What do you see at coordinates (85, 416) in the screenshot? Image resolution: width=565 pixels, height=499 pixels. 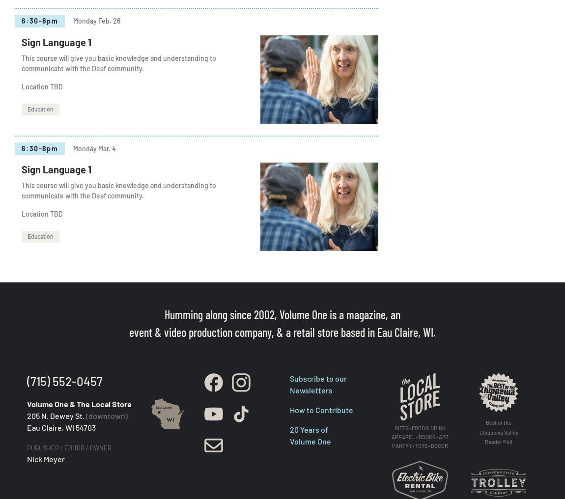 I see `'(downtown)'` at bounding box center [85, 416].